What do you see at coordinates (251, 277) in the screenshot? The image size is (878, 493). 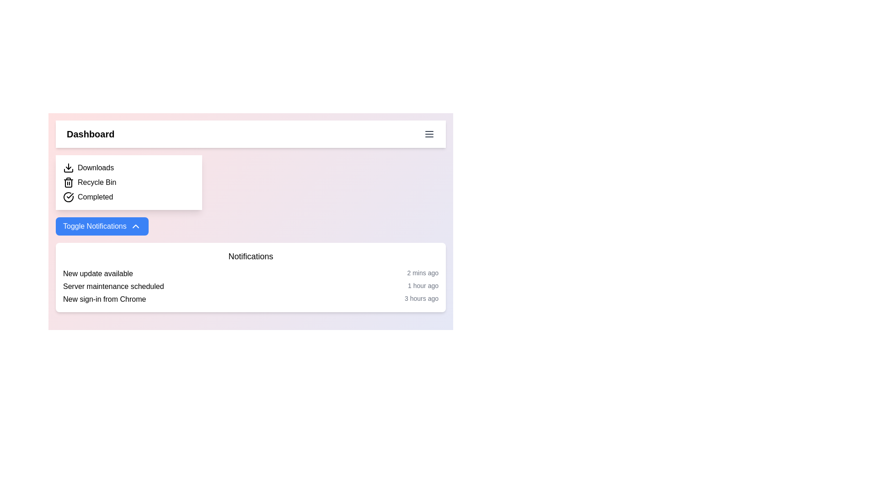 I see `individual notification items within the Notification panel, which is located below the 'Toggle Notifications' blue button and displays a list of notifications with the title 'Notifications'` at bounding box center [251, 277].